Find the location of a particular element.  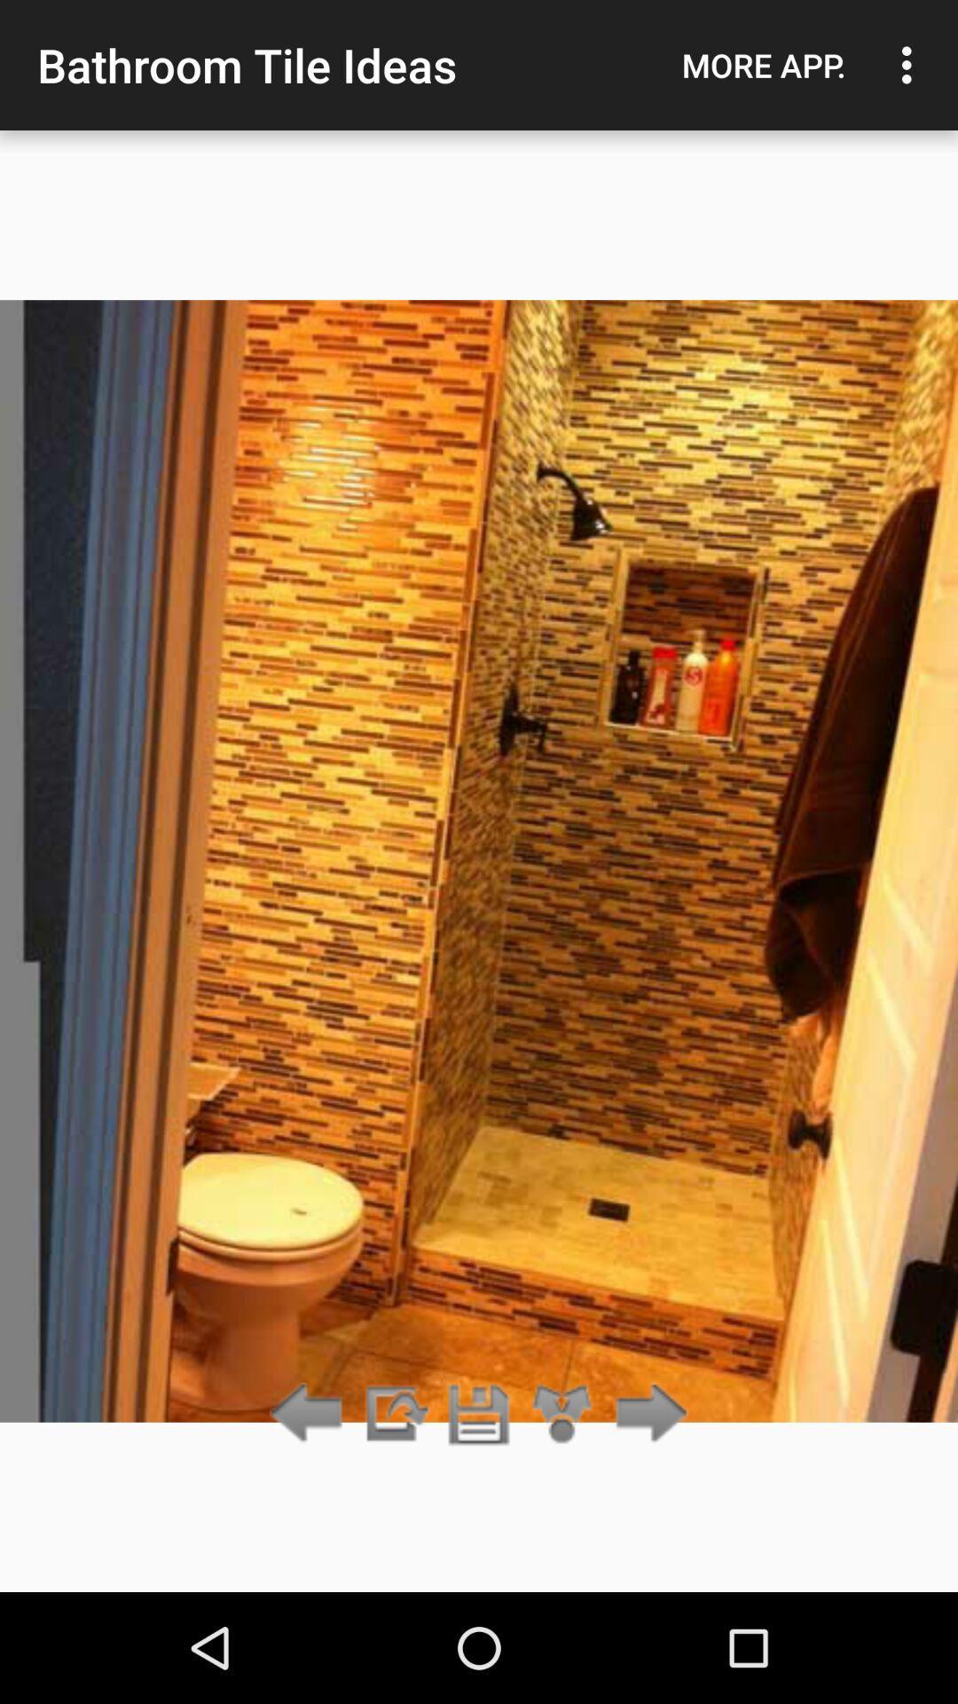

next is located at coordinates (647, 1414).